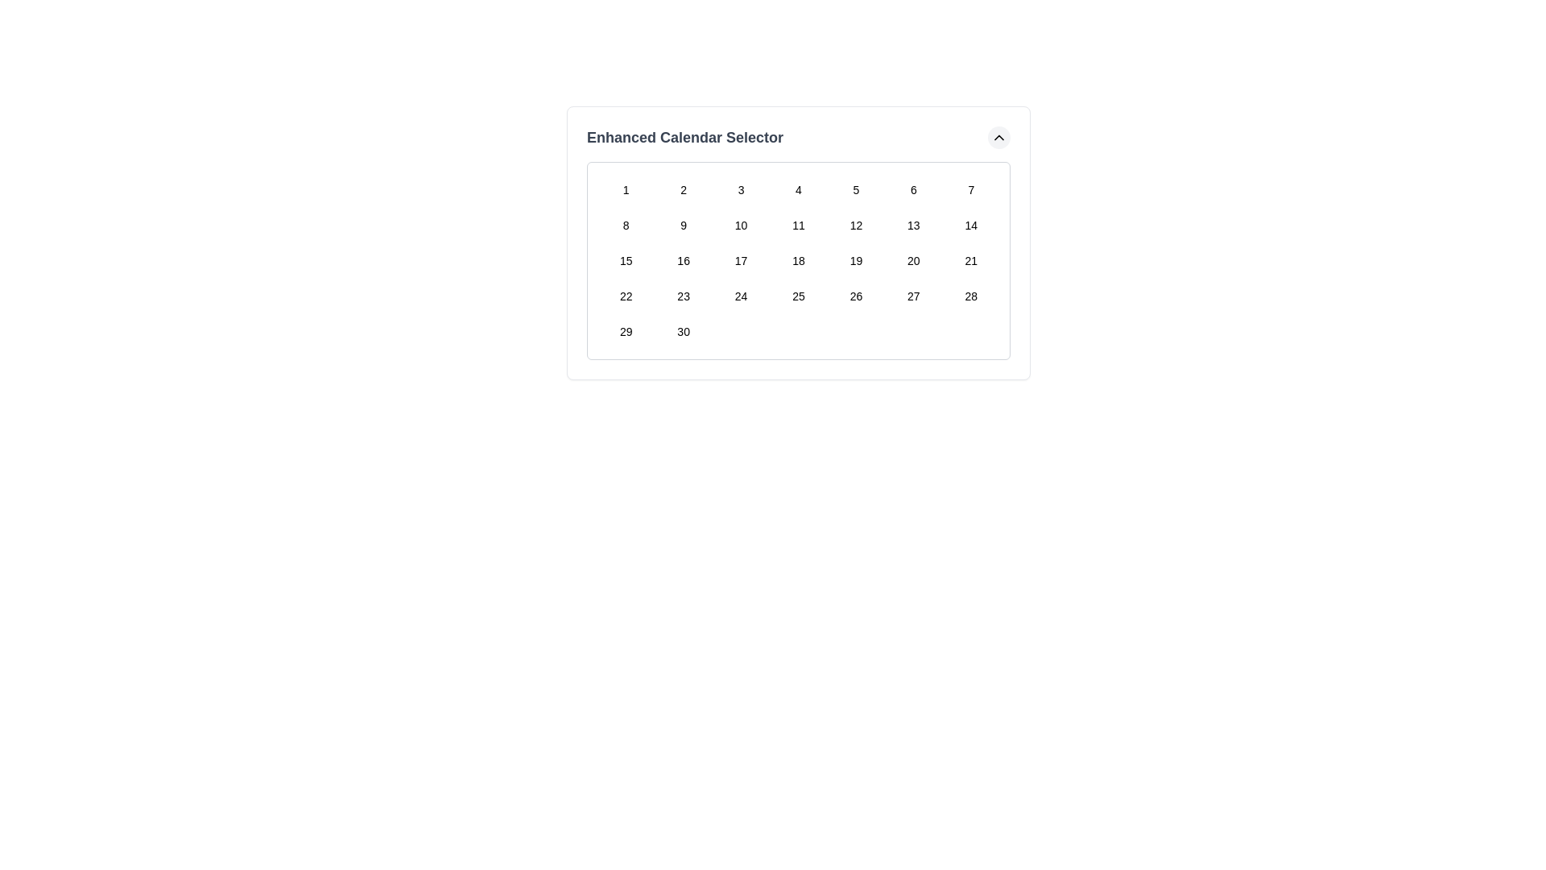 This screenshot has width=1546, height=870. I want to click on the rectangular button with rounded edges labeled '14' in the second row and seventh column of the grid, so click(970, 226).